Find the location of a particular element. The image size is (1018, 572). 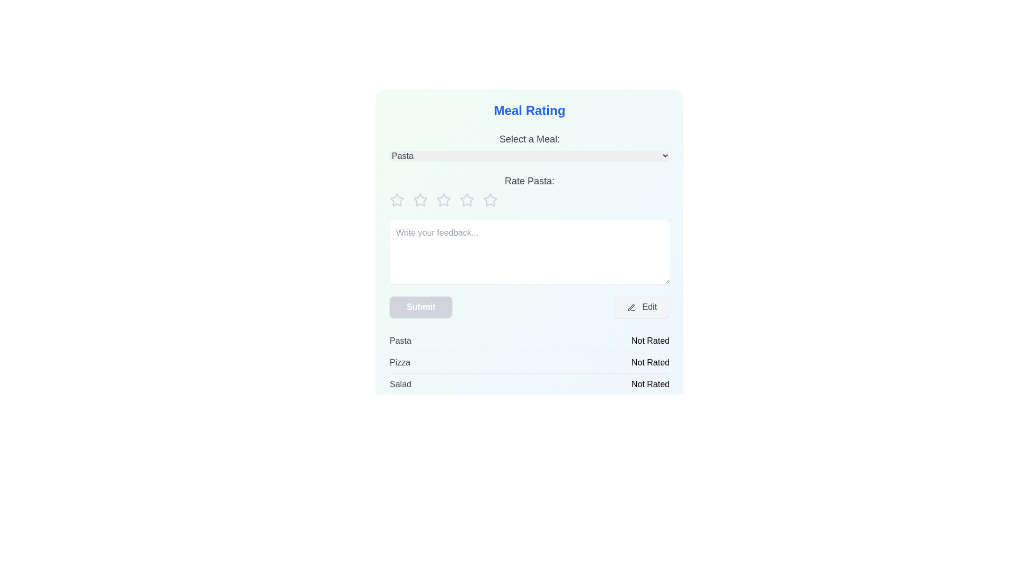

an item from the dropdown menu labeled 'Select a Meal:' which currently shows 'Pasta' is located at coordinates (529, 155).